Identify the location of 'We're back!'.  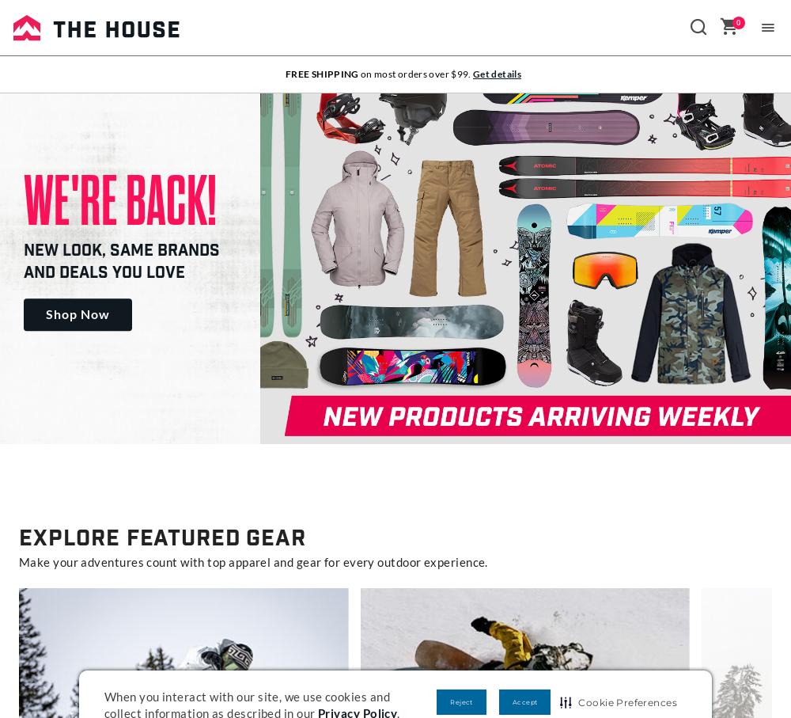
(24, 199).